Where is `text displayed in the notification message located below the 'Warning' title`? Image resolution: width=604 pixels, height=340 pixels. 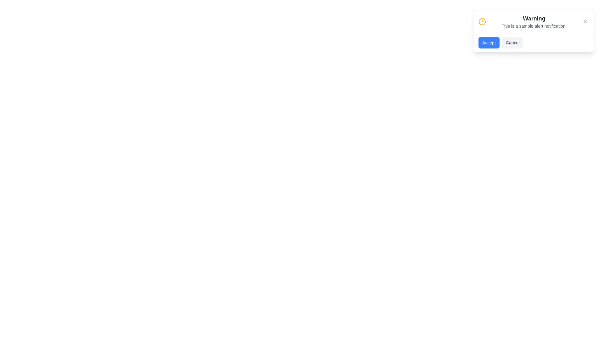 text displayed in the notification message located below the 'Warning' title is located at coordinates (534, 26).